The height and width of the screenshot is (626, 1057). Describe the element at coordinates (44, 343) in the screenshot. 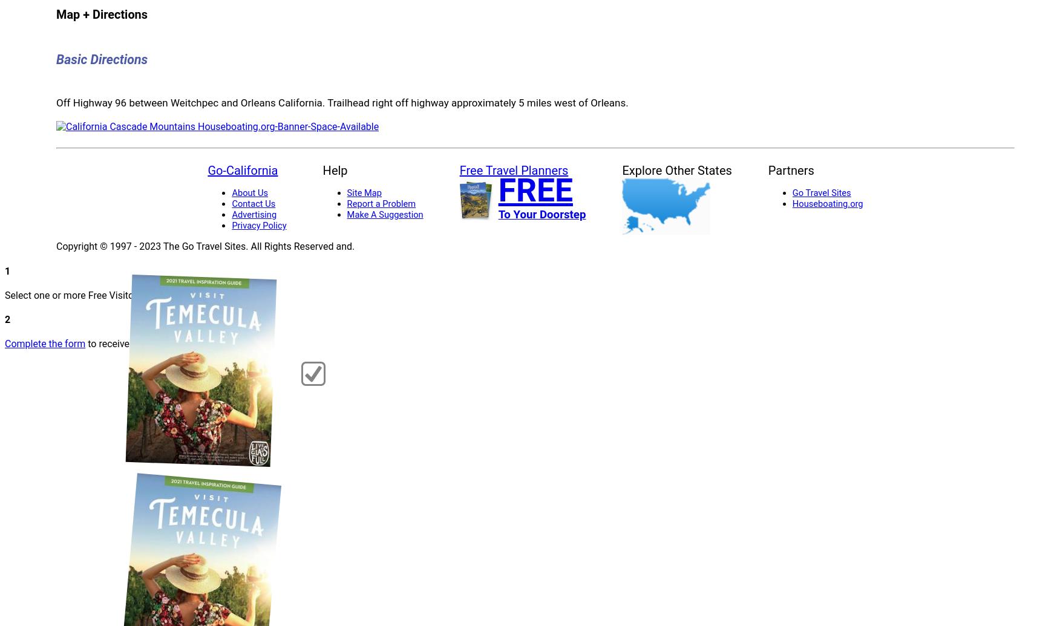

I see `'Complete the form'` at that location.